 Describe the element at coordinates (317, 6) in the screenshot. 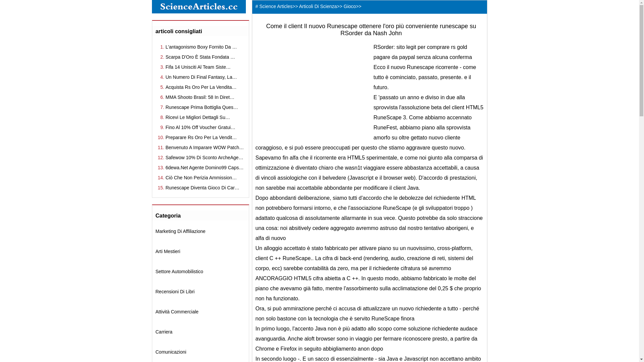

I see `'Articoli Di Scienza'` at that location.